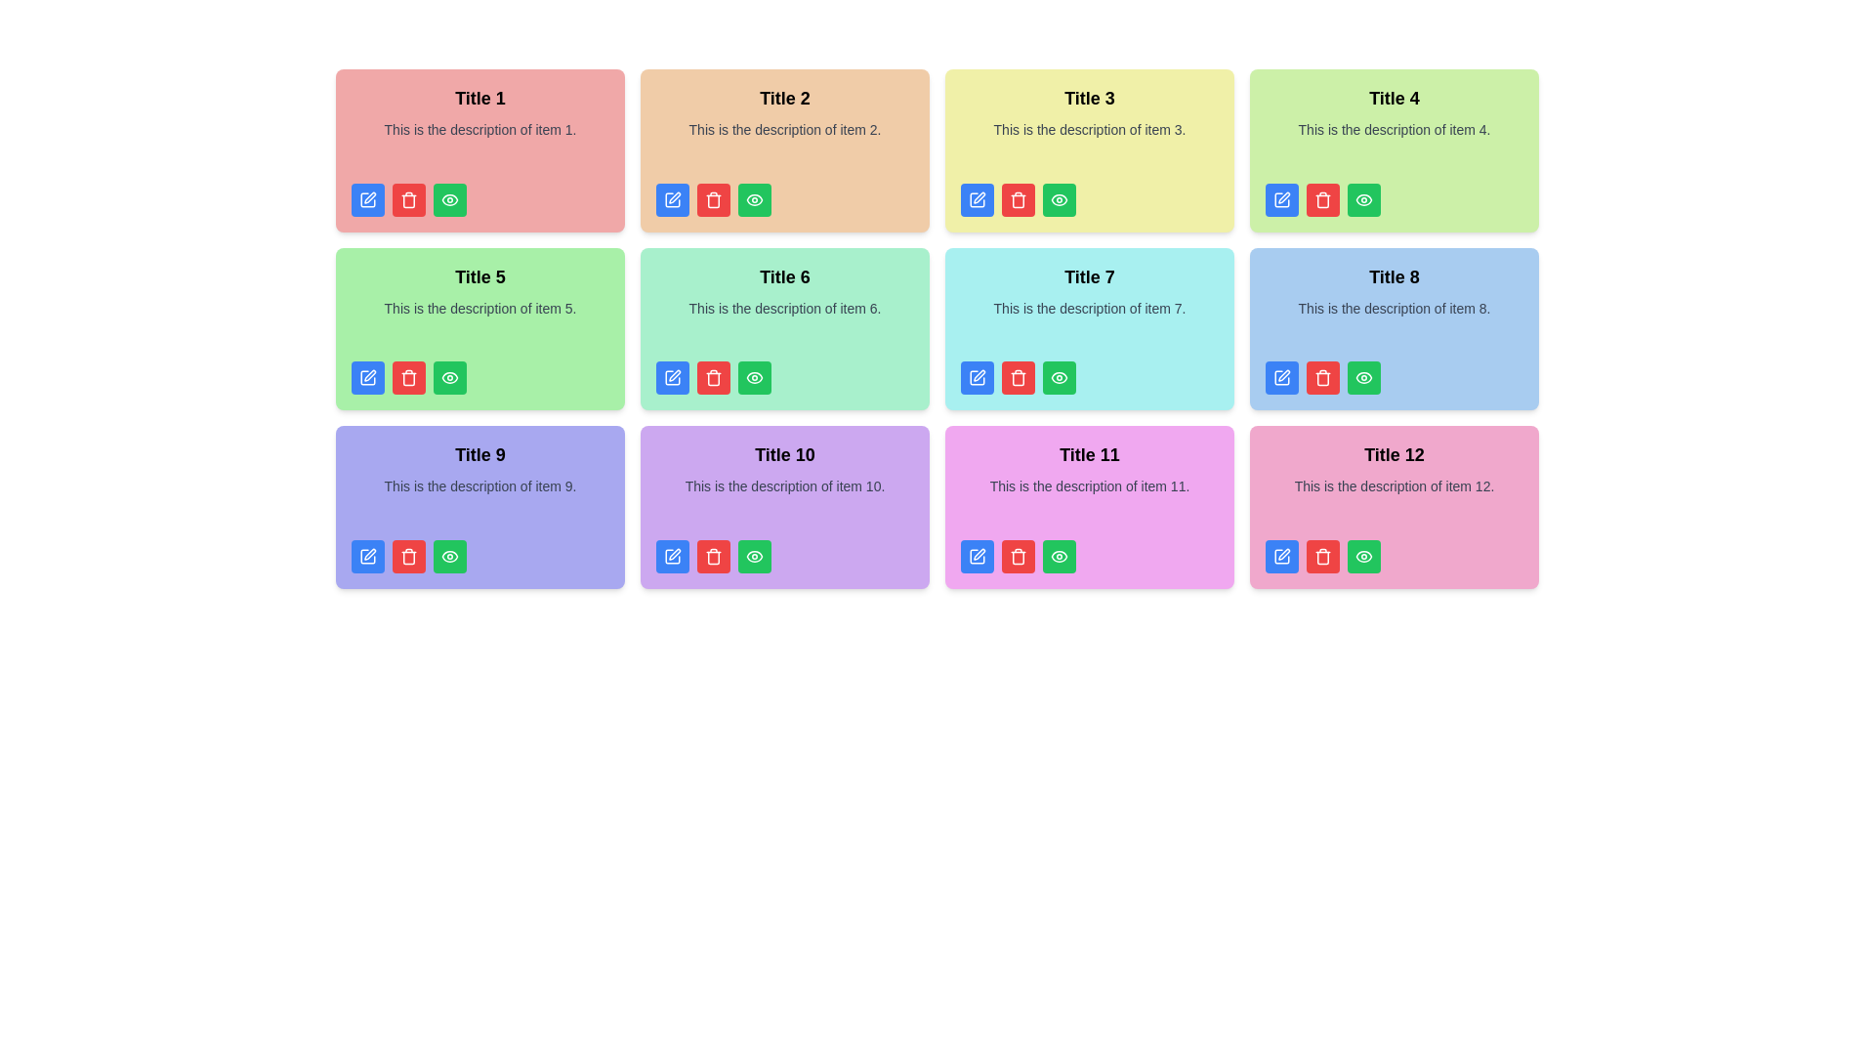 This screenshot has height=1055, width=1875. What do you see at coordinates (368, 377) in the screenshot?
I see `the small blue square icon with a pen symbol at its center, located in the bottom-left corner of the card labeled 'Title 5.'` at bounding box center [368, 377].